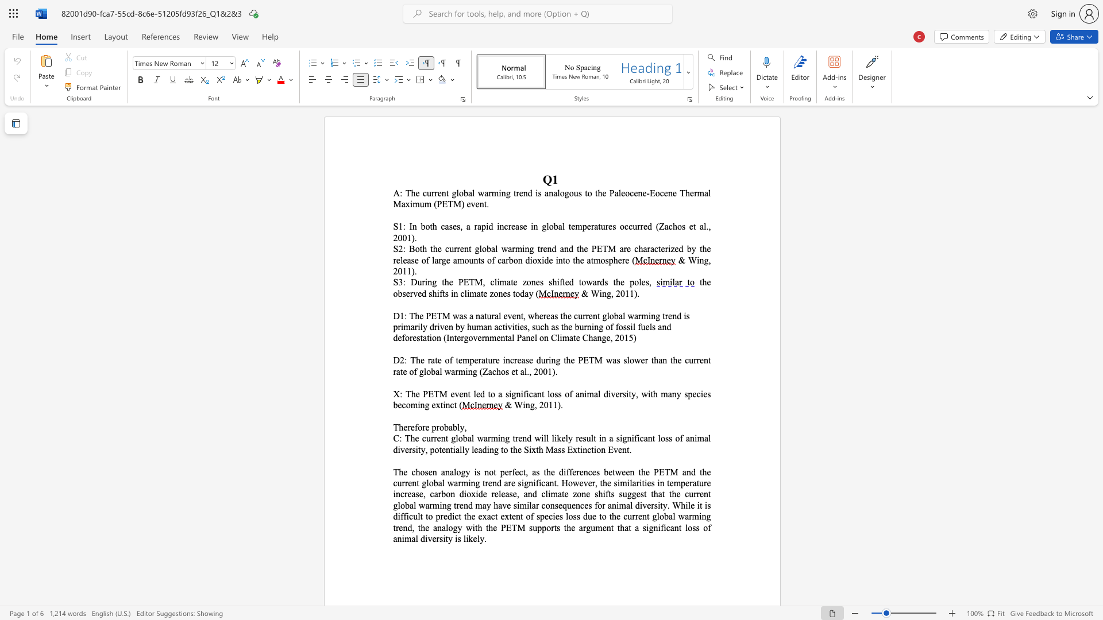 Image resolution: width=1103 pixels, height=620 pixels. Describe the element at coordinates (400, 293) in the screenshot. I see `the 1th character "b" in the text` at that location.